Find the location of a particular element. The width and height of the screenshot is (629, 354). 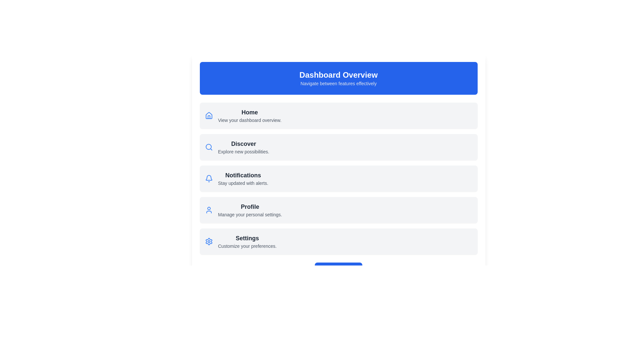

the Informational Header Banner that displays 'Dashboard Overview' and provides a brief description of its purpose is located at coordinates (338, 78).